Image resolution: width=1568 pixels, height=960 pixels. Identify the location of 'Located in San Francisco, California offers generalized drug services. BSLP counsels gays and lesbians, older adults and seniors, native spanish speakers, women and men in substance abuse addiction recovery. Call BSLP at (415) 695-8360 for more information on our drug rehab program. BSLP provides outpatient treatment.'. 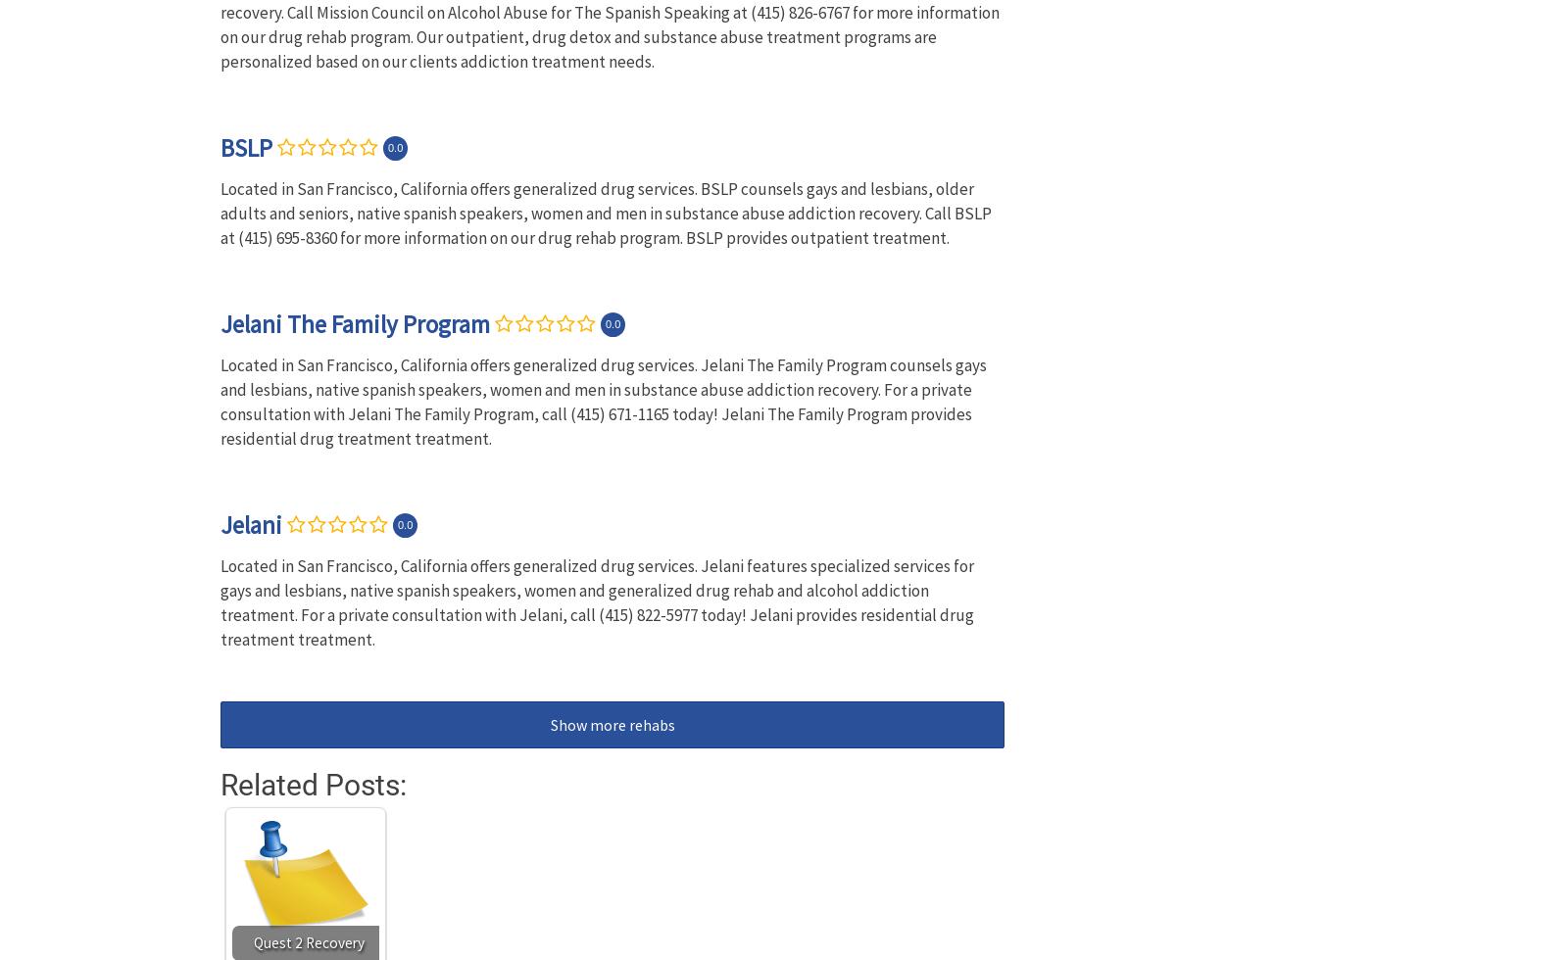
(606, 212).